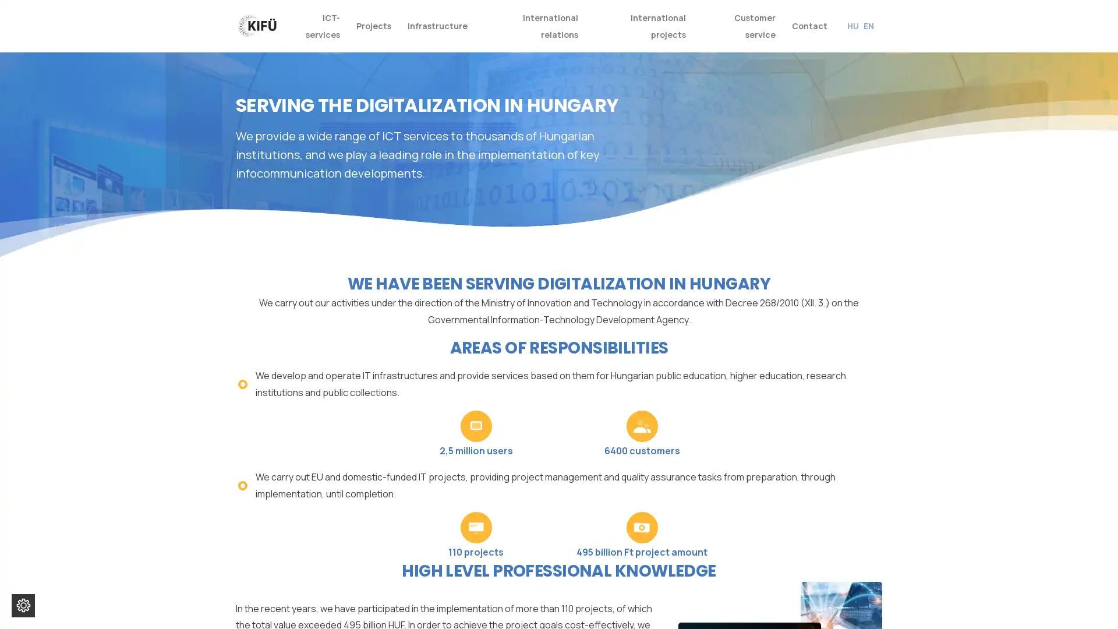  I want to click on Change cookie settings, so click(23, 605).